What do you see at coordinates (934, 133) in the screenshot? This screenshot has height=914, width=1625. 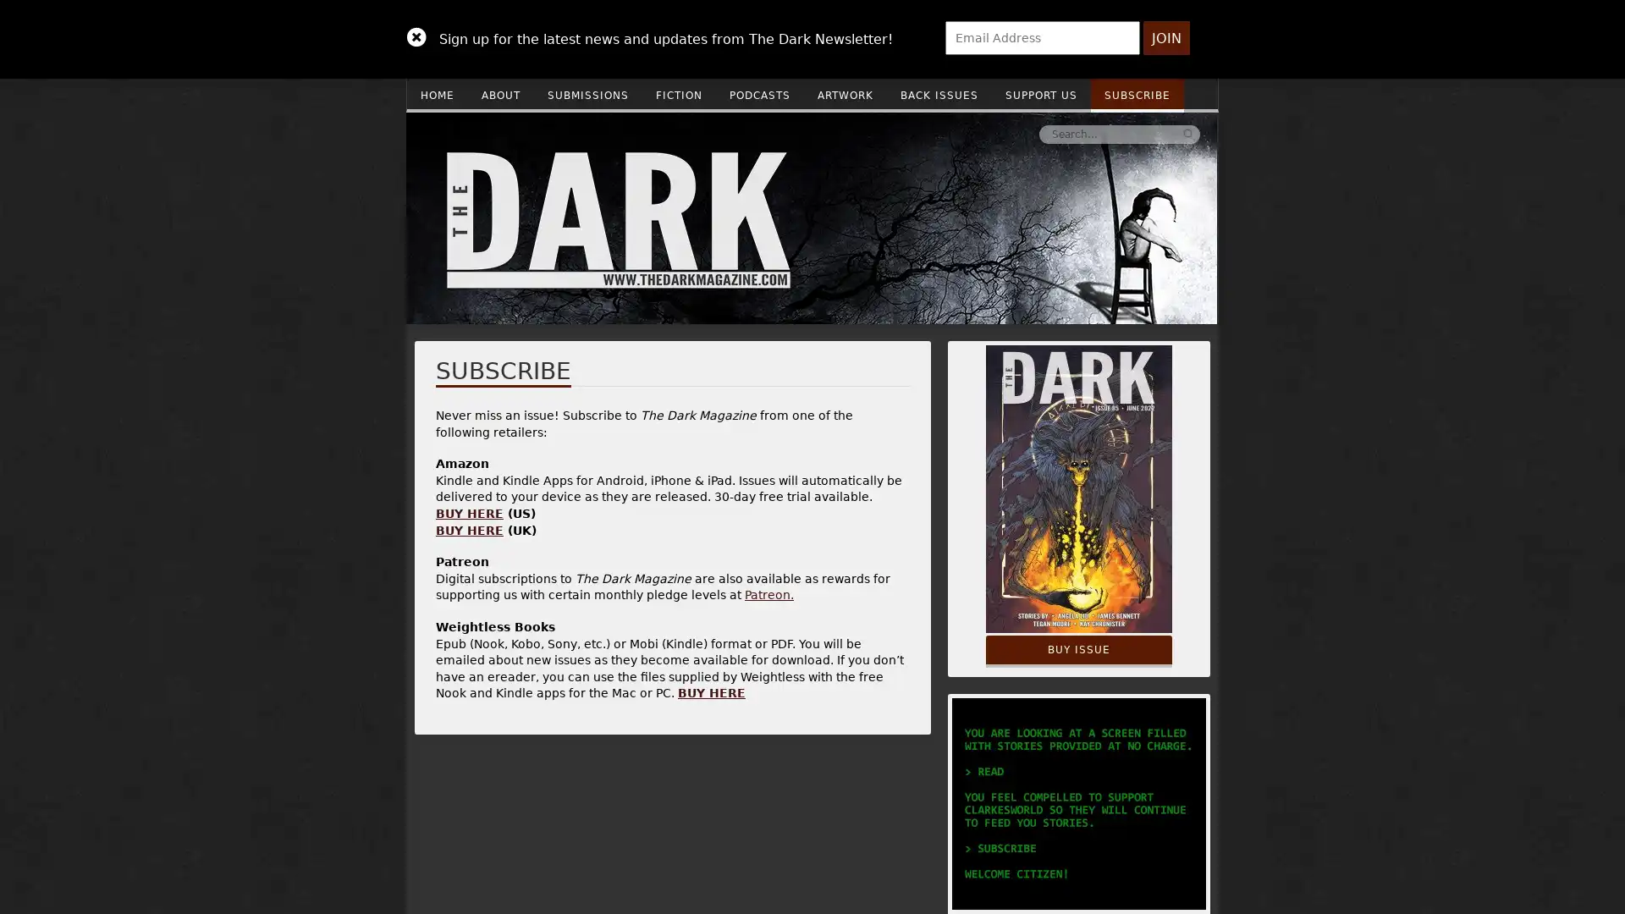 I see `Search` at bounding box center [934, 133].